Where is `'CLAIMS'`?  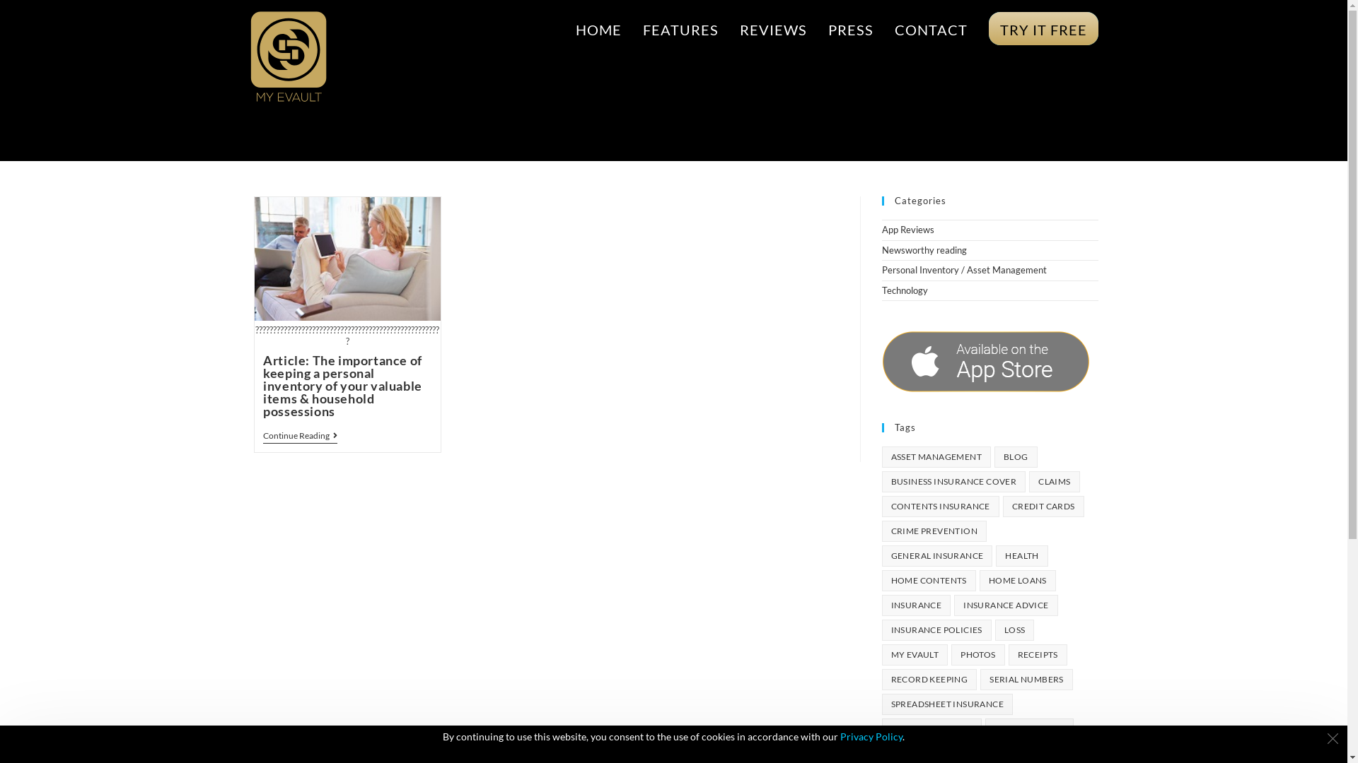
'CLAIMS' is located at coordinates (1028, 481).